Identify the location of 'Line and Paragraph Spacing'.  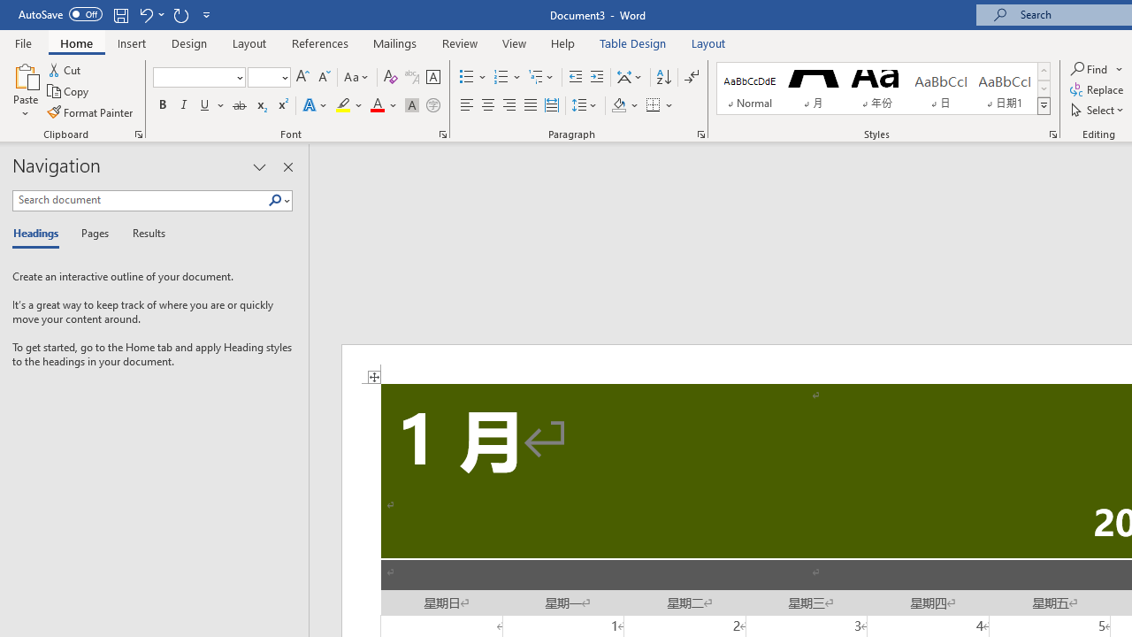
(585, 105).